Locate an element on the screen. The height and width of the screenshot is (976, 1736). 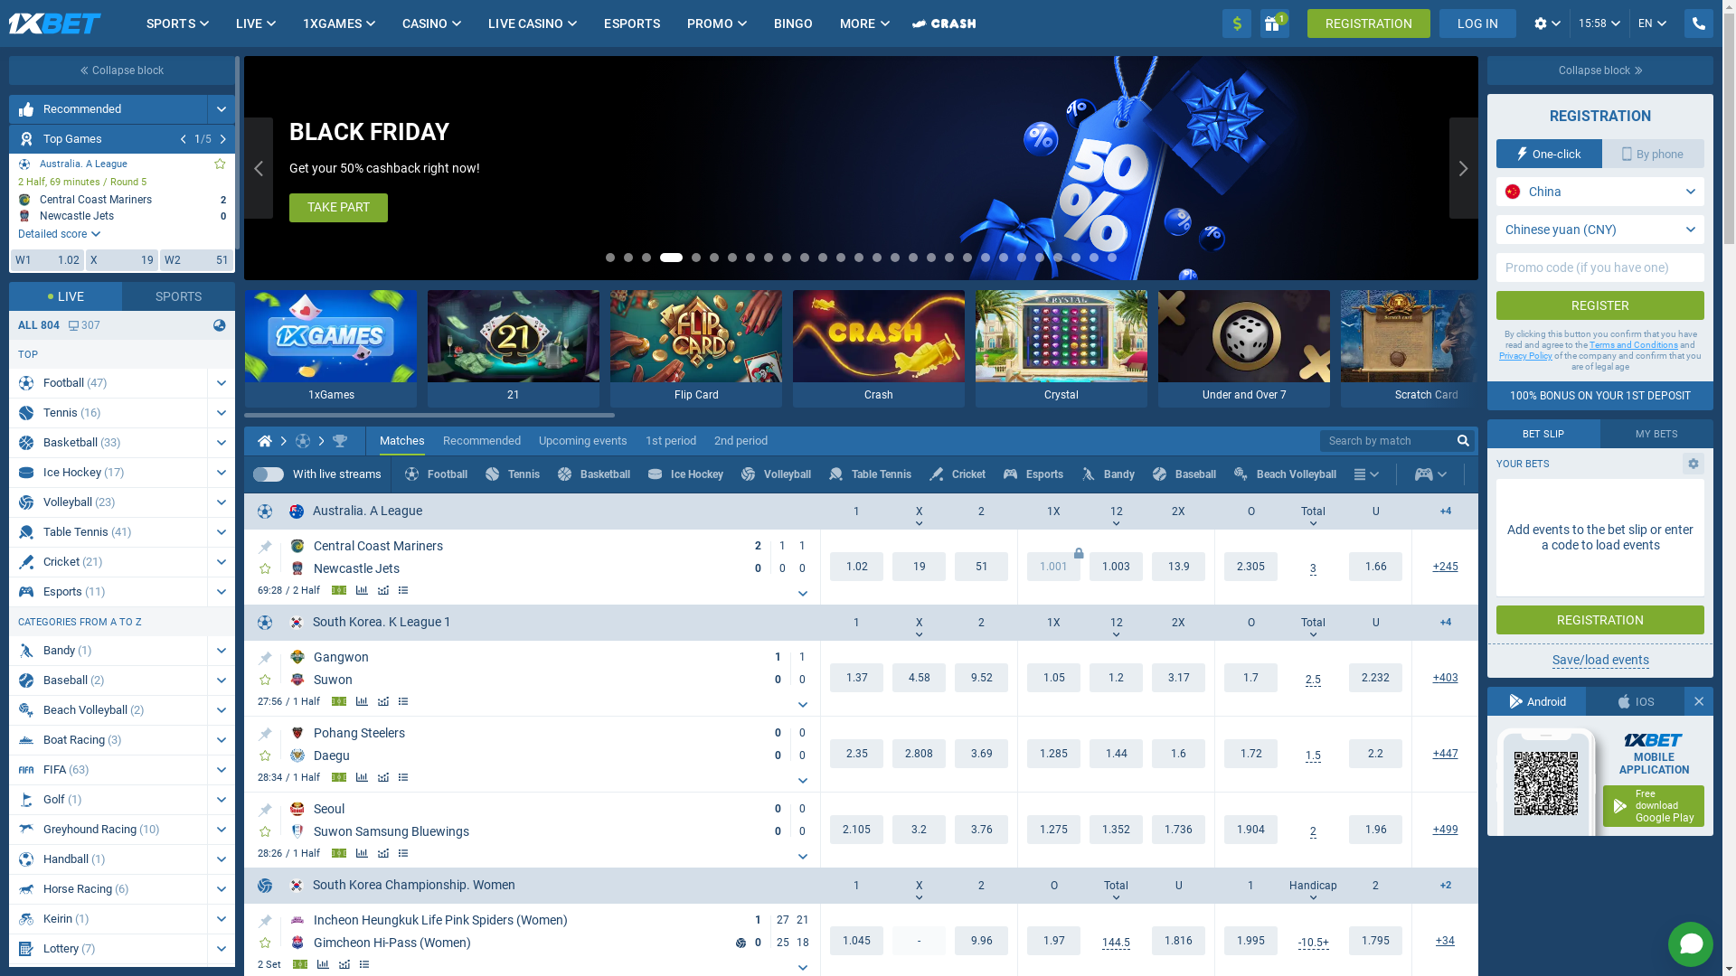
'1.96' is located at coordinates (1374, 830).